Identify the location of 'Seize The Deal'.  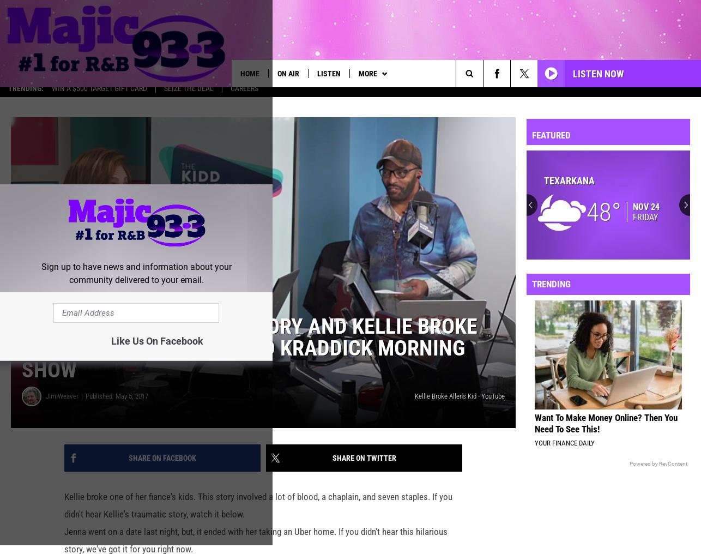
(188, 95).